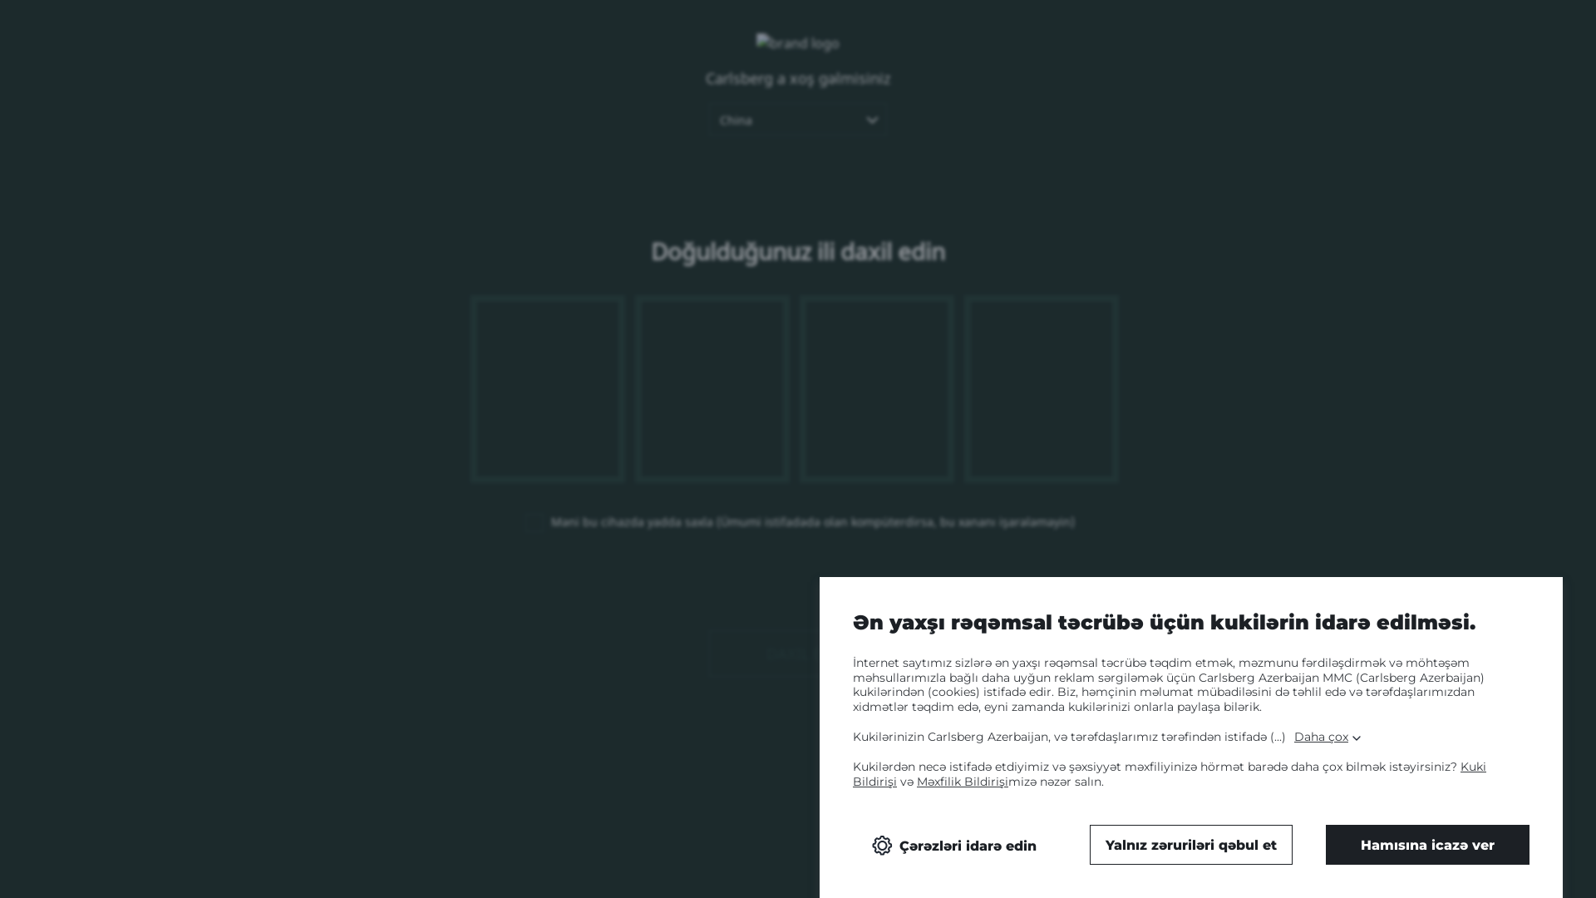  I want to click on 'Carlsberg Azerbaijan', so click(219, 35).